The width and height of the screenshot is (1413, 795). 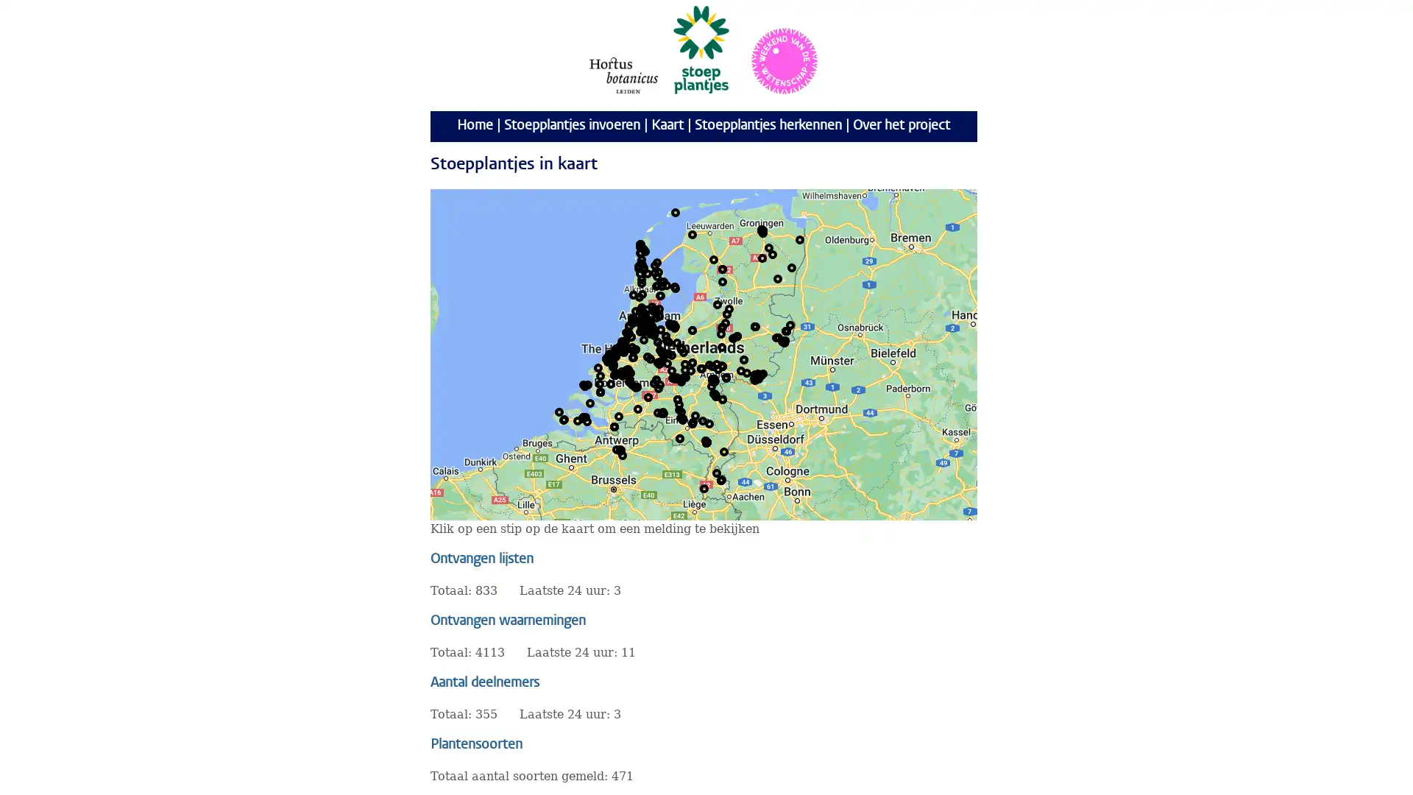 What do you see at coordinates (713, 258) in the screenshot?
I see `Telling van op 01 mei 2022` at bounding box center [713, 258].